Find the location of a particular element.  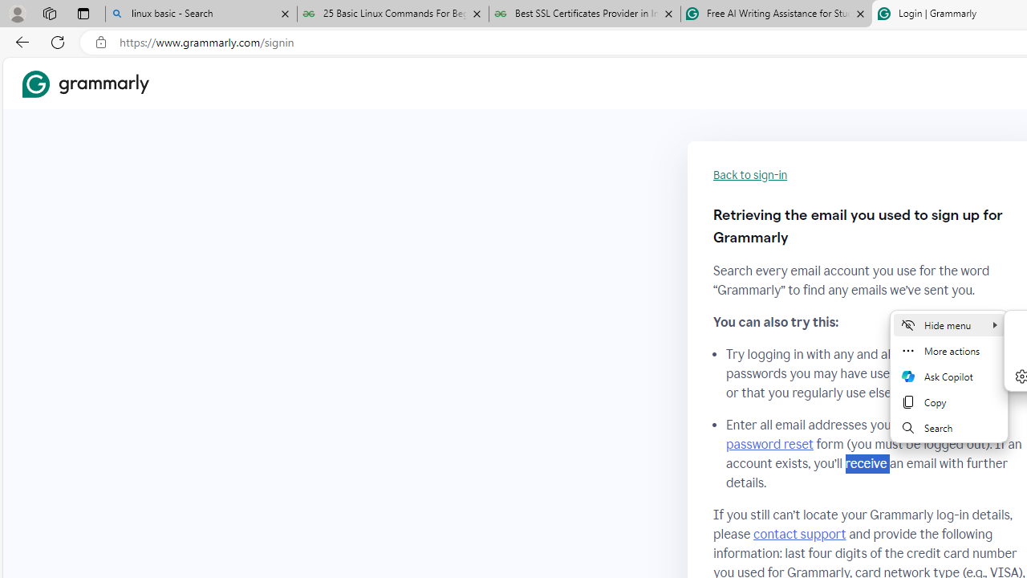

'contact support' is located at coordinates (800, 534).